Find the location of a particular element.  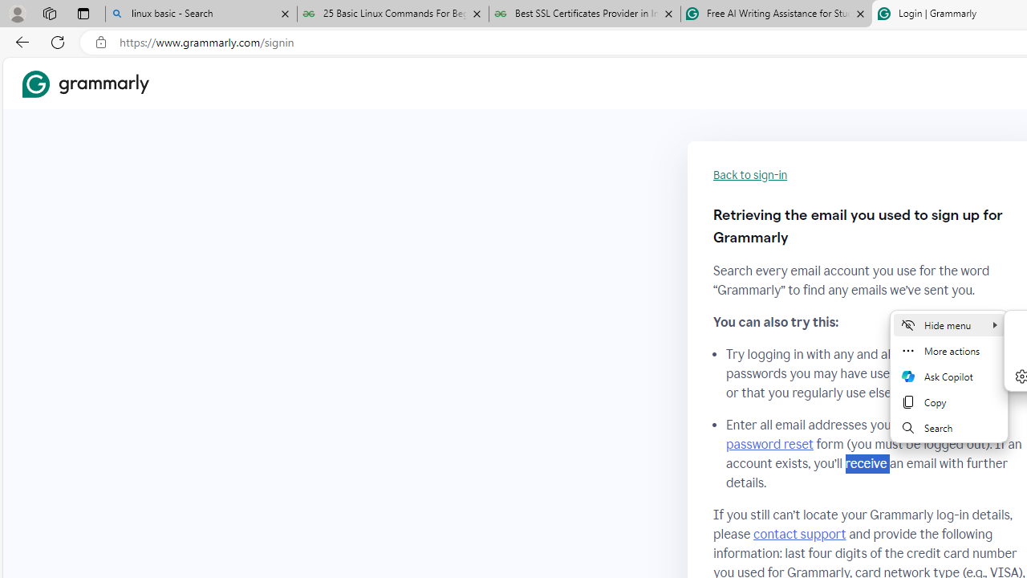

'contact support' is located at coordinates (800, 534).